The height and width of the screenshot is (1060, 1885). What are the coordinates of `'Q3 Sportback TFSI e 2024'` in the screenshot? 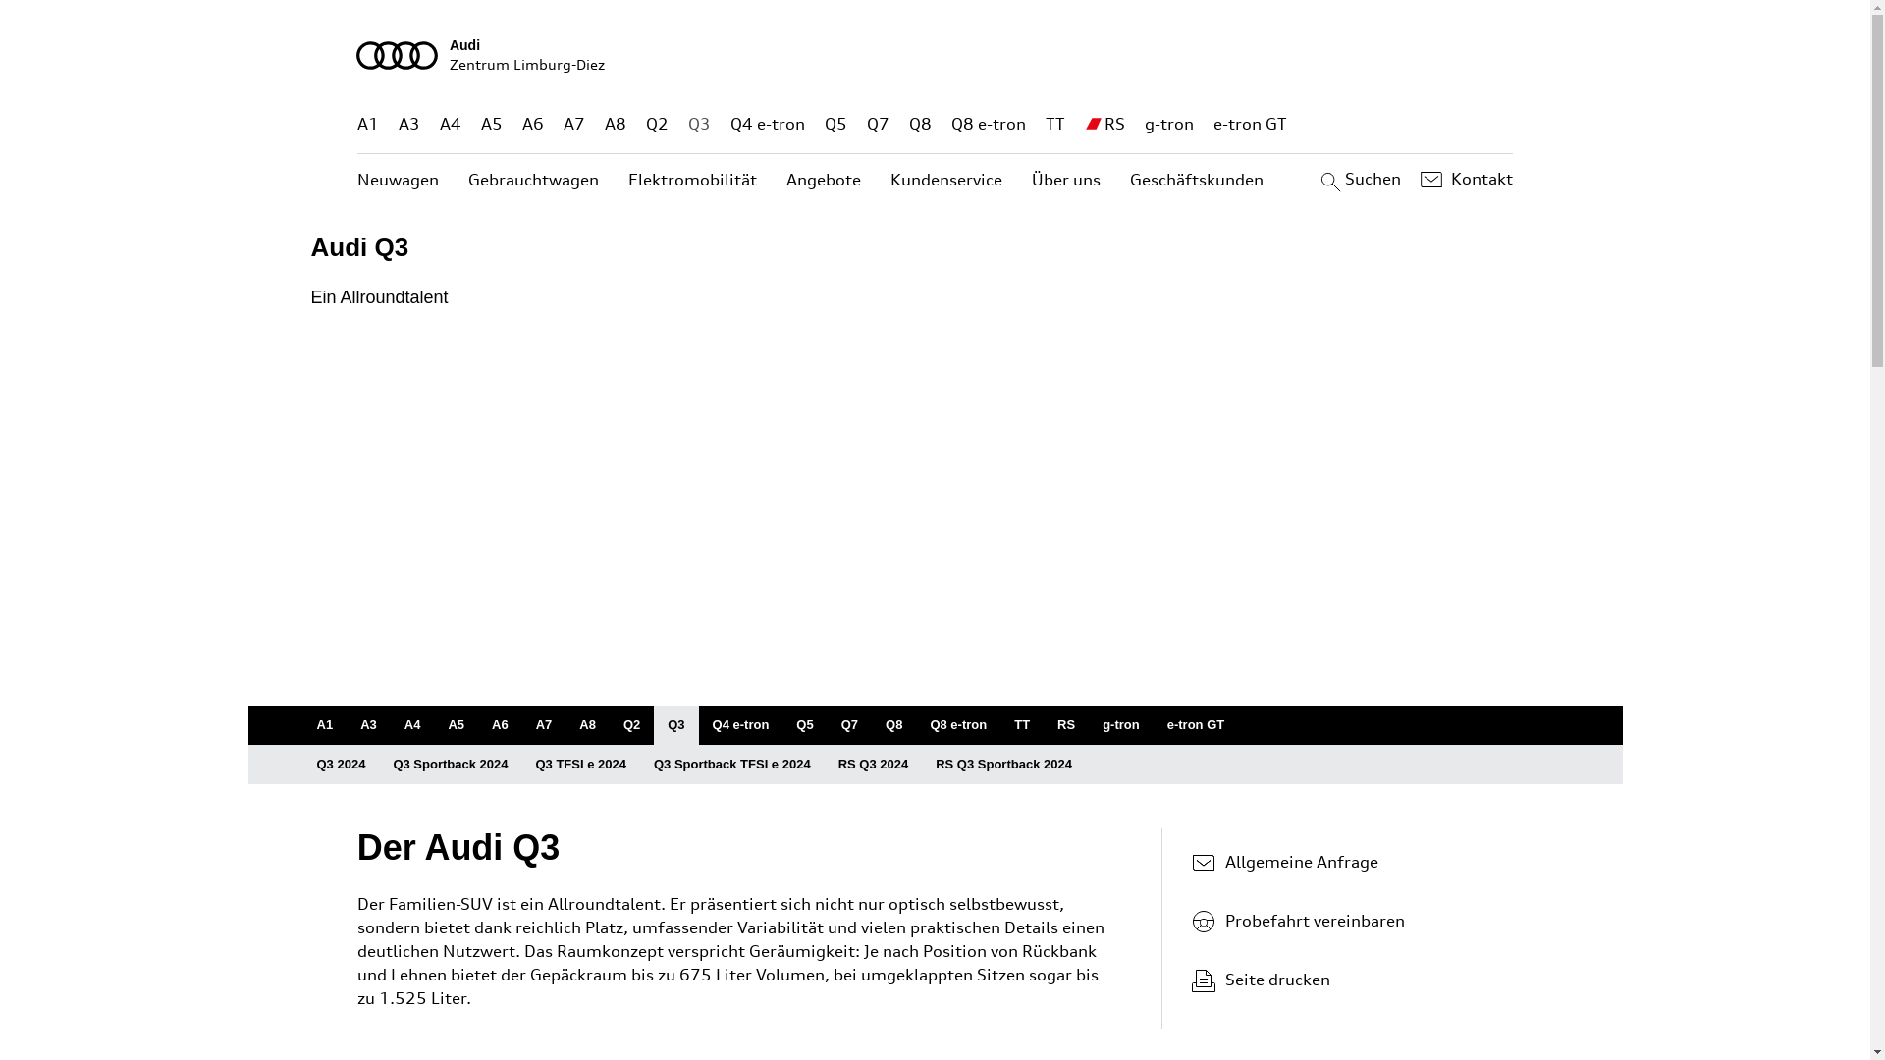 It's located at (730, 764).